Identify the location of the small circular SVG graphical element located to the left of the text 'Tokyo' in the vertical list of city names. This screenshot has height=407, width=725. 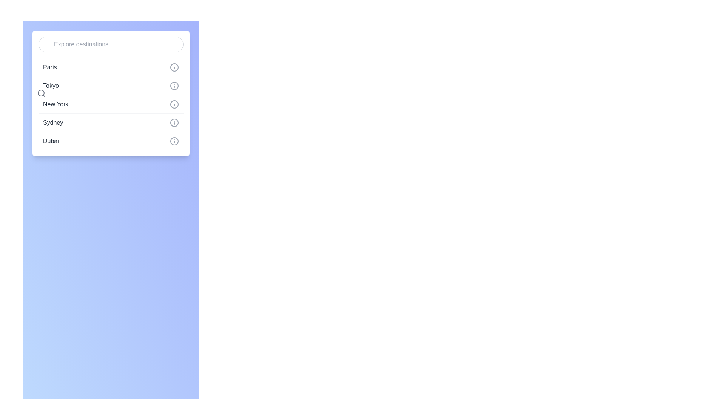
(41, 92).